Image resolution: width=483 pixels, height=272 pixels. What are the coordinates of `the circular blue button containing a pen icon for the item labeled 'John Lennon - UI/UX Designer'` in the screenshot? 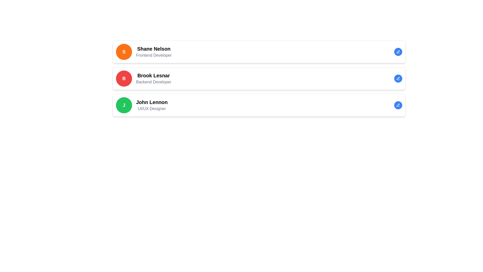 It's located at (398, 78).